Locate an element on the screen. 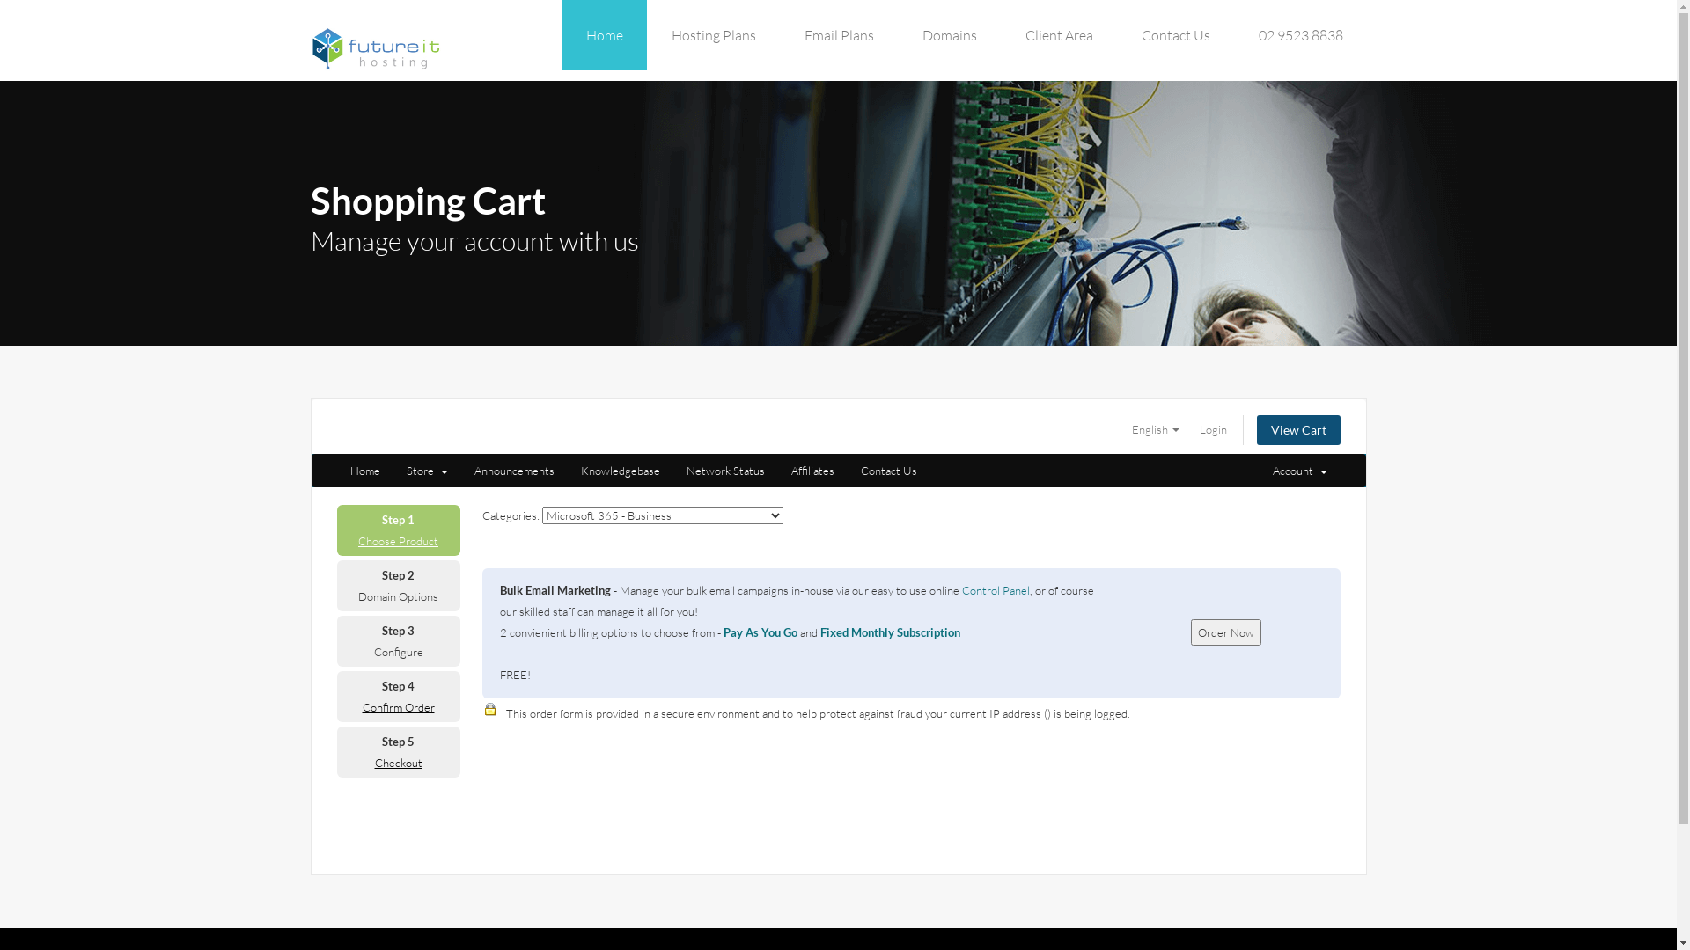 Image resolution: width=1690 pixels, height=950 pixels. 'Client Area' is located at coordinates (1058, 34).